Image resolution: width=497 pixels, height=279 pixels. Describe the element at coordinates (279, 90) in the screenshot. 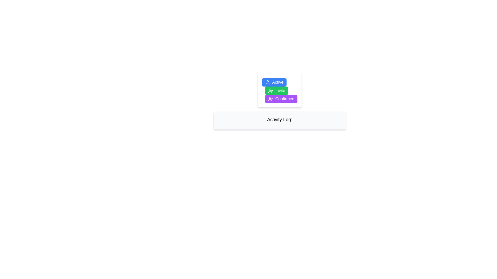

I see `the green 'Invite' button with rounded corners` at that location.